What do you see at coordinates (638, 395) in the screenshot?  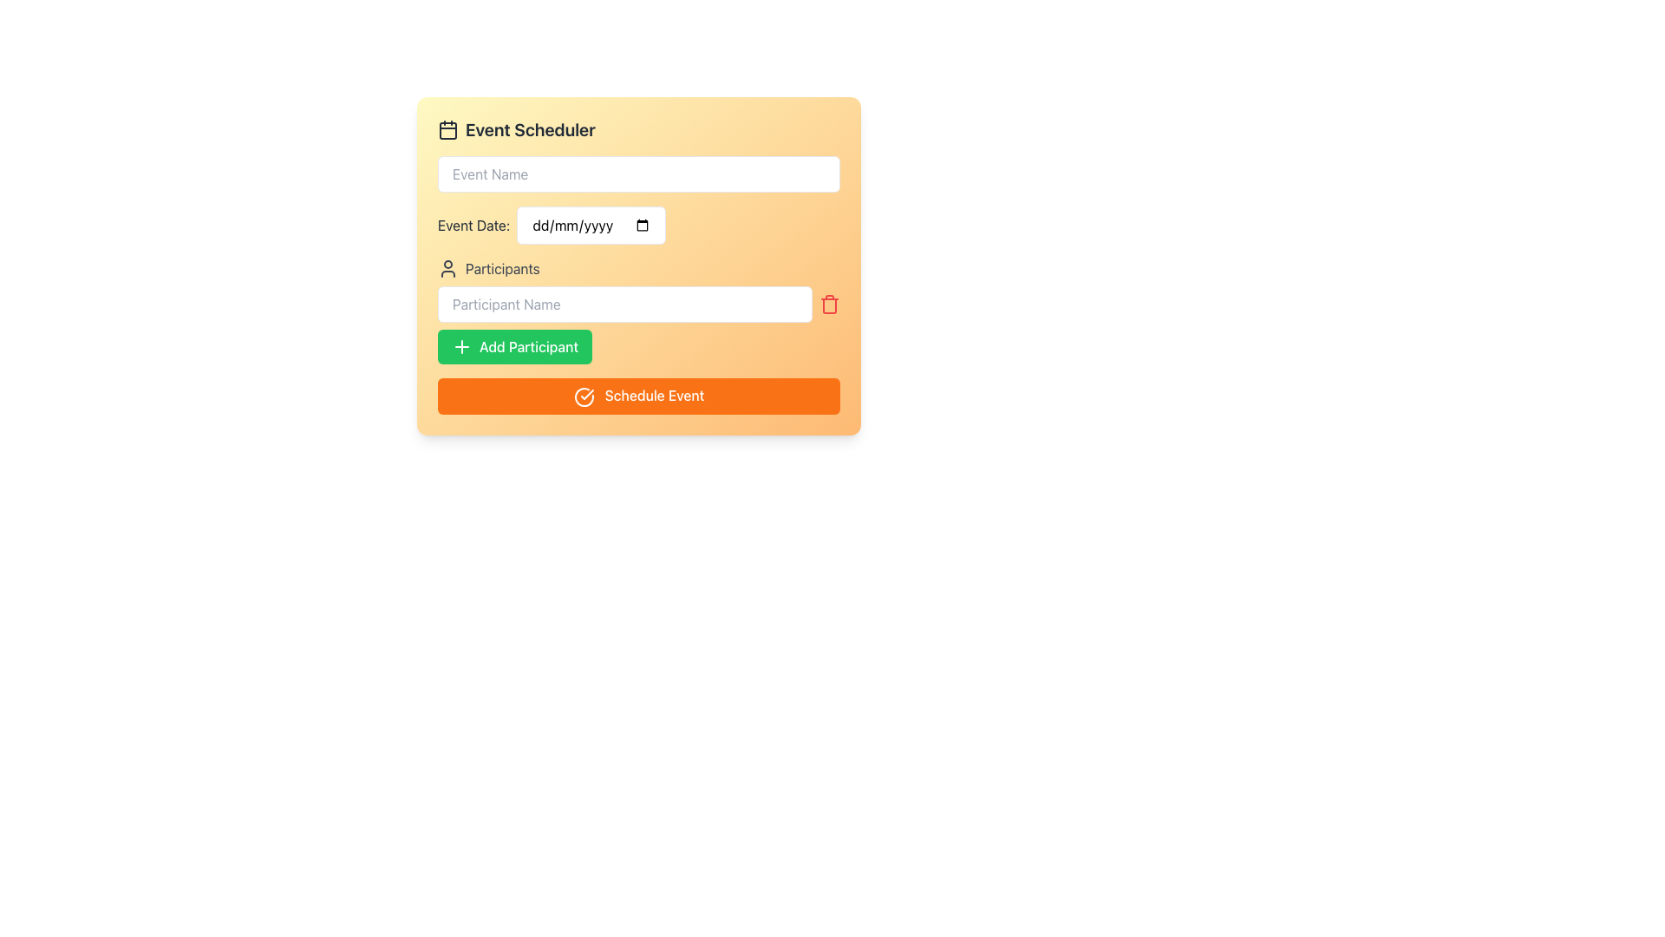 I see `the submission button for creating or scheduling an event` at bounding box center [638, 395].